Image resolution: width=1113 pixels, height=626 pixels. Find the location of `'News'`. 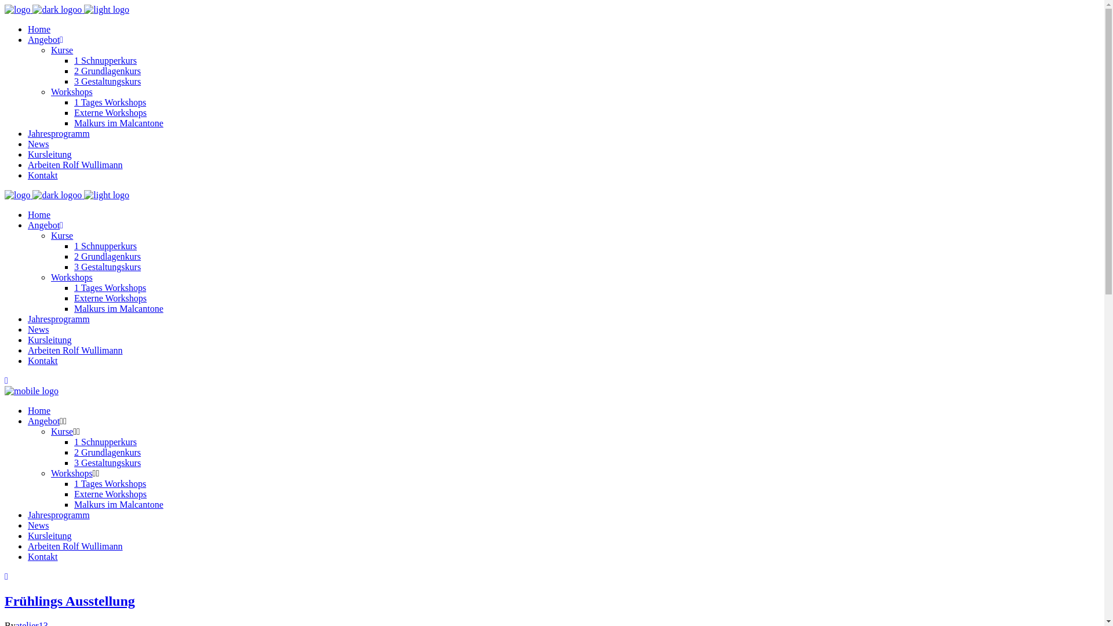

'News' is located at coordinates (28, 329).